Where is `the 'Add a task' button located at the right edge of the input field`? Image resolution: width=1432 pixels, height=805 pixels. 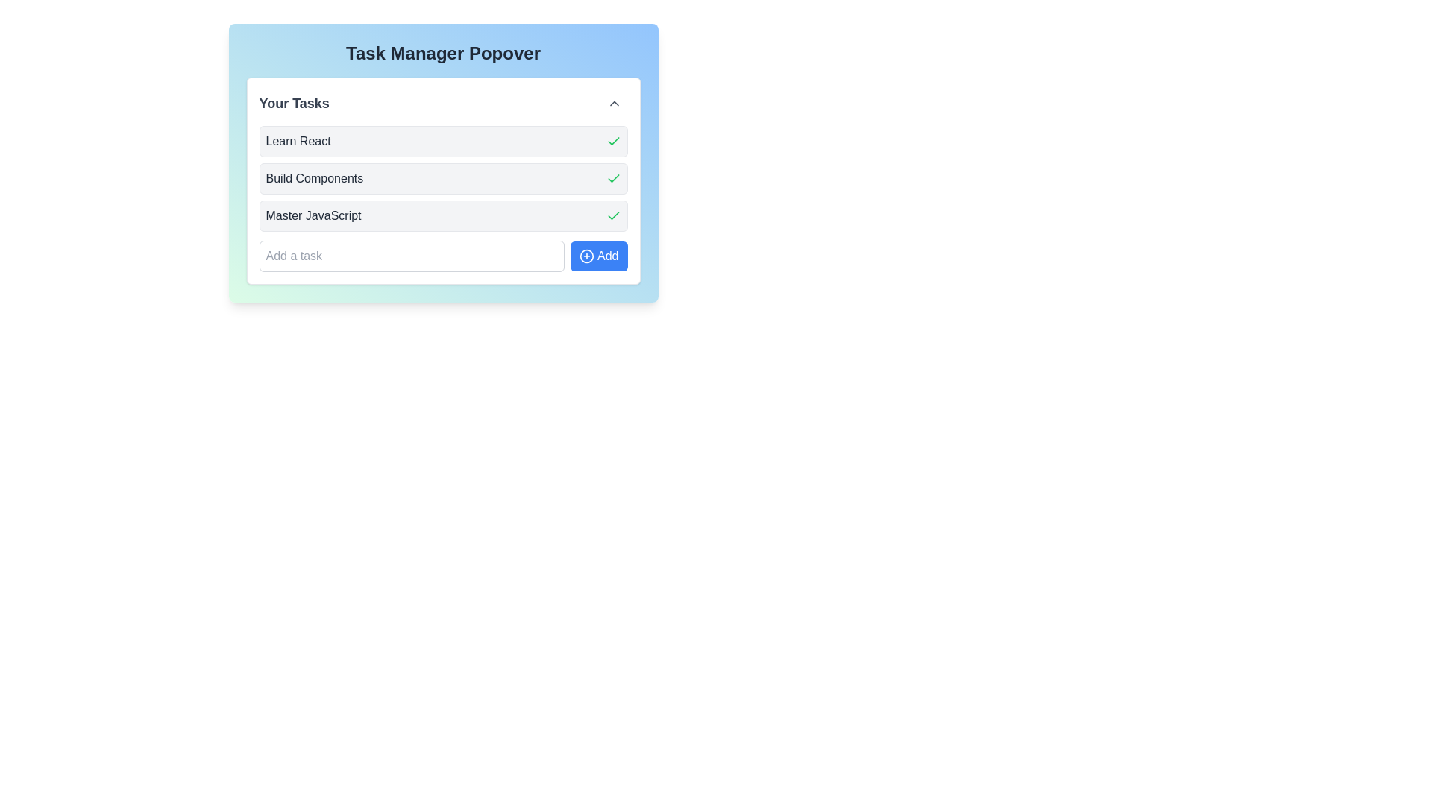 the 'Add a task' button located at the right edge of the input field is located at coordinates (598, 255).